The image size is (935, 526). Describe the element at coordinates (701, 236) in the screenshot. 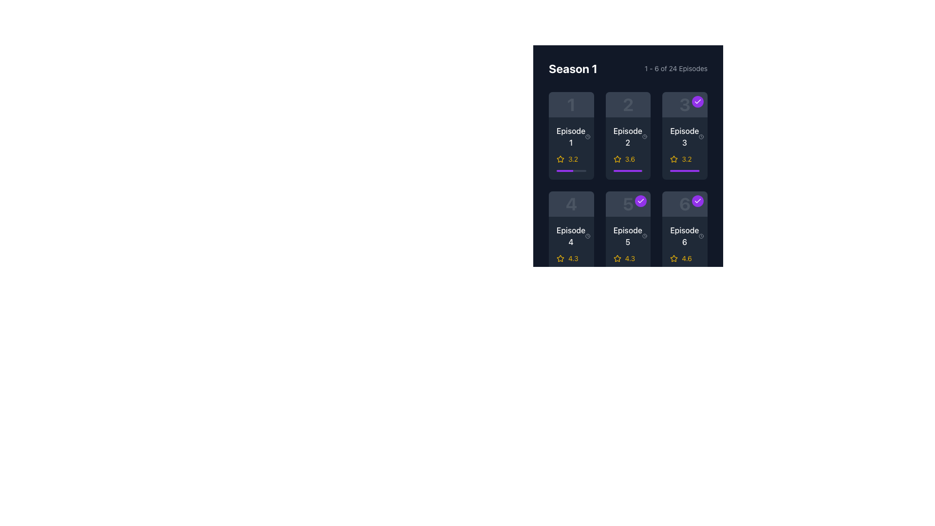

I see `the icon representing the duration of the episode` at that location.